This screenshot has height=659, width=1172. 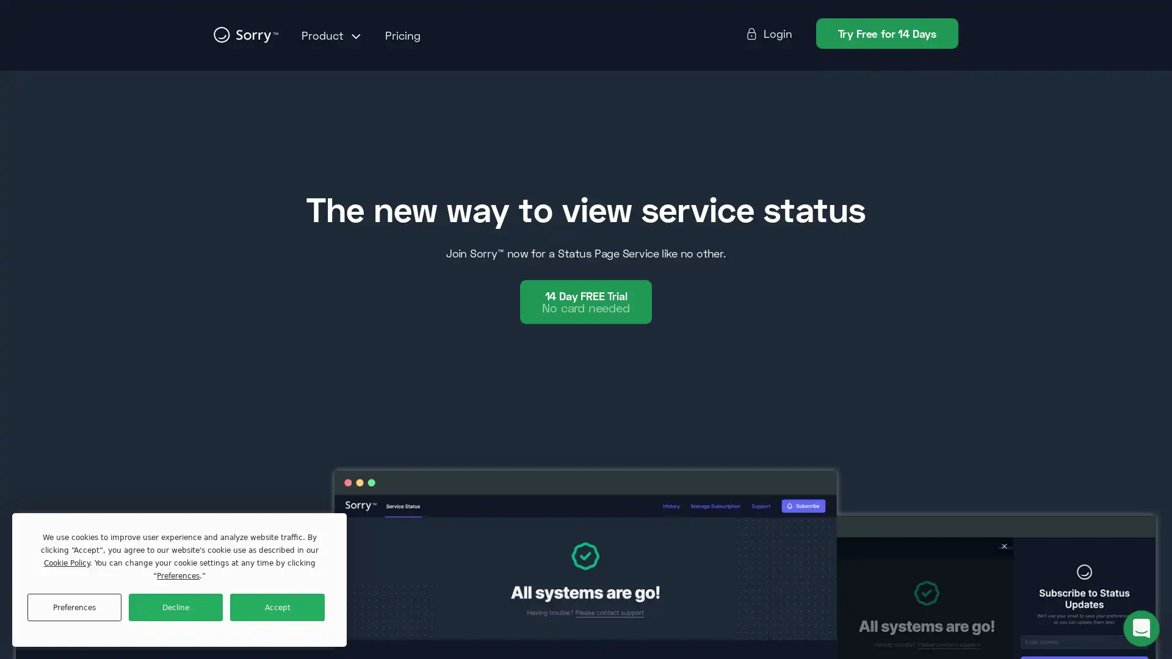 What do you see at coordinates (1141, 628) in the screenshot?
I see `Open Intercom Messenger` at bounding box center [1141, 628].